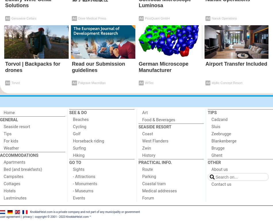  Describe the element at coordinates (207, 163) in the screenshot. I see `'Other'` at that location.